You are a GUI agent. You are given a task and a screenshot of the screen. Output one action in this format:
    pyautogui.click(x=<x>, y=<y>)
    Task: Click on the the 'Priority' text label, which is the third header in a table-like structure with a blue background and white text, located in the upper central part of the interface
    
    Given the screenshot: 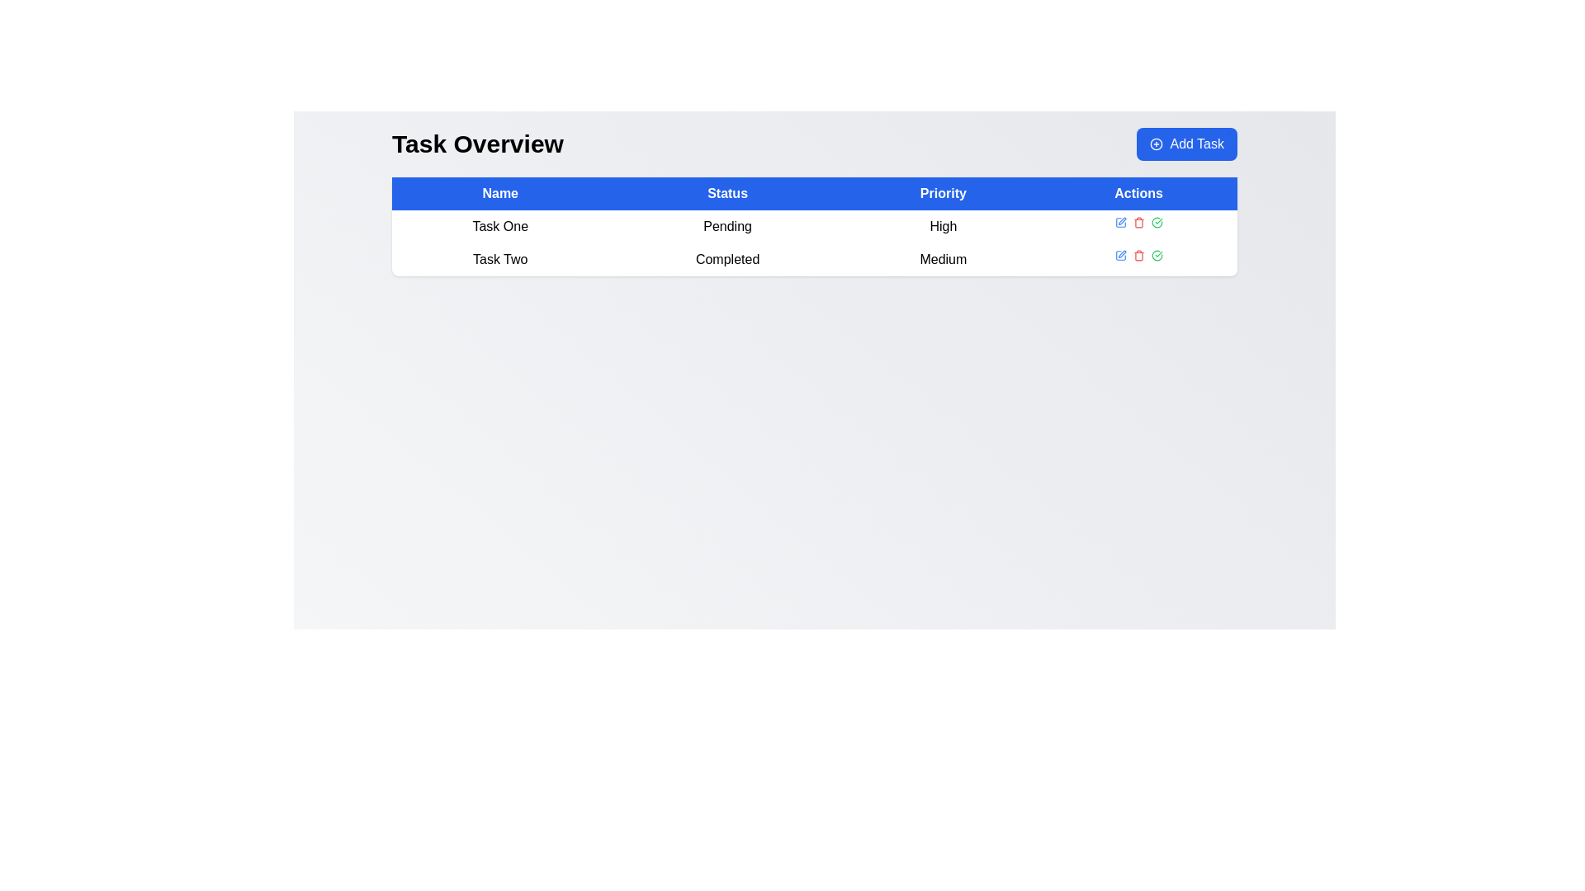 What is the action you would take?
    pyautogui.click(x=943, y=193)
    